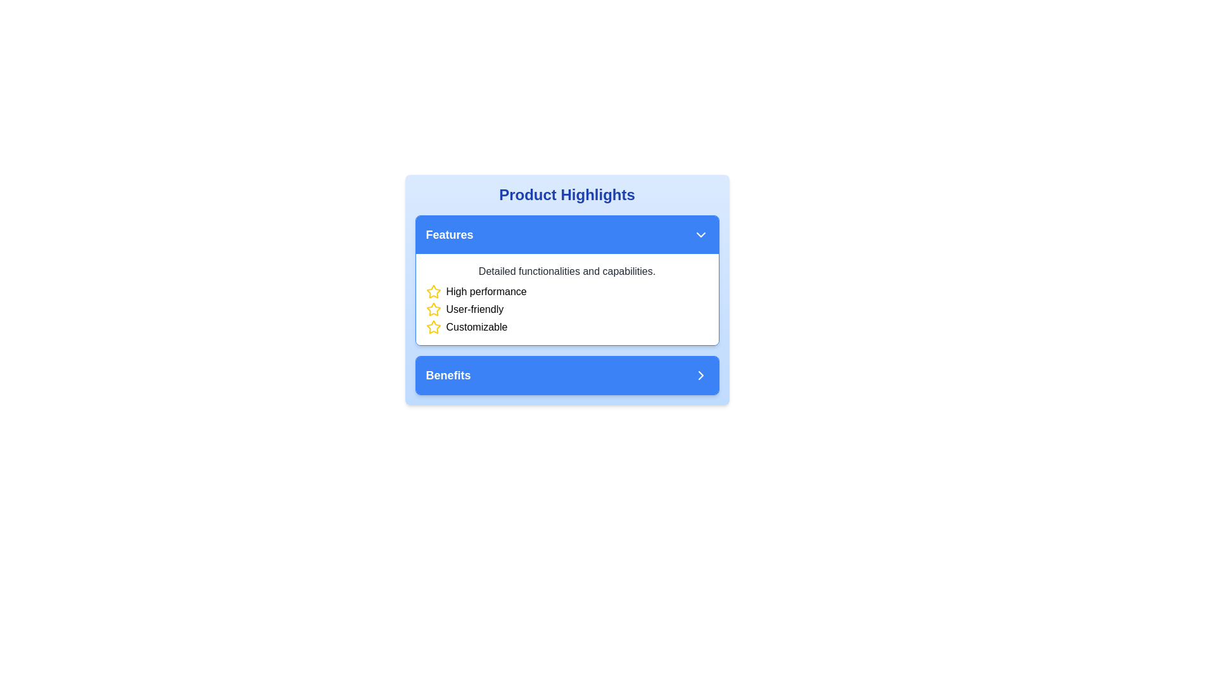 The image size is (1216, 684). I want to click on the downward-pointing chevron icon on the right side of the 'Features' section, so click(700, 234).